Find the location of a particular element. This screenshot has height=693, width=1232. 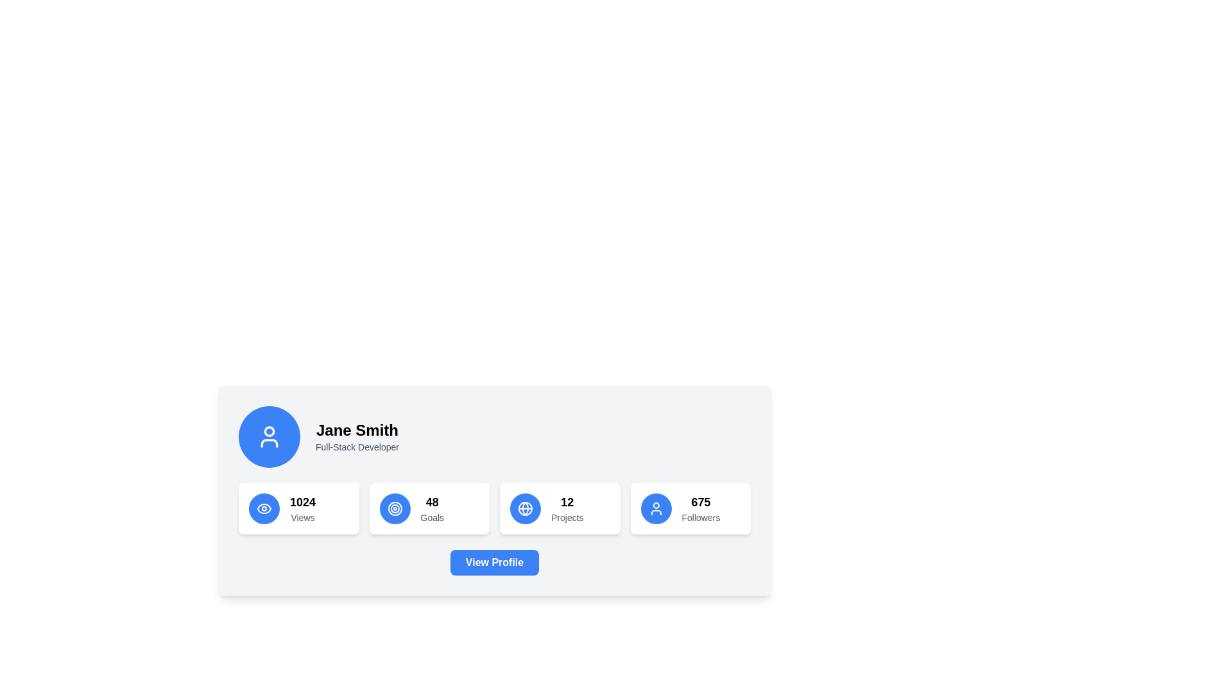

the Information Display Unit that shows the number of followers, located in the last card of the horizontally arranged group of statistic cards, which contains a blue circular icon to its left is located at coordinates (700, 508).